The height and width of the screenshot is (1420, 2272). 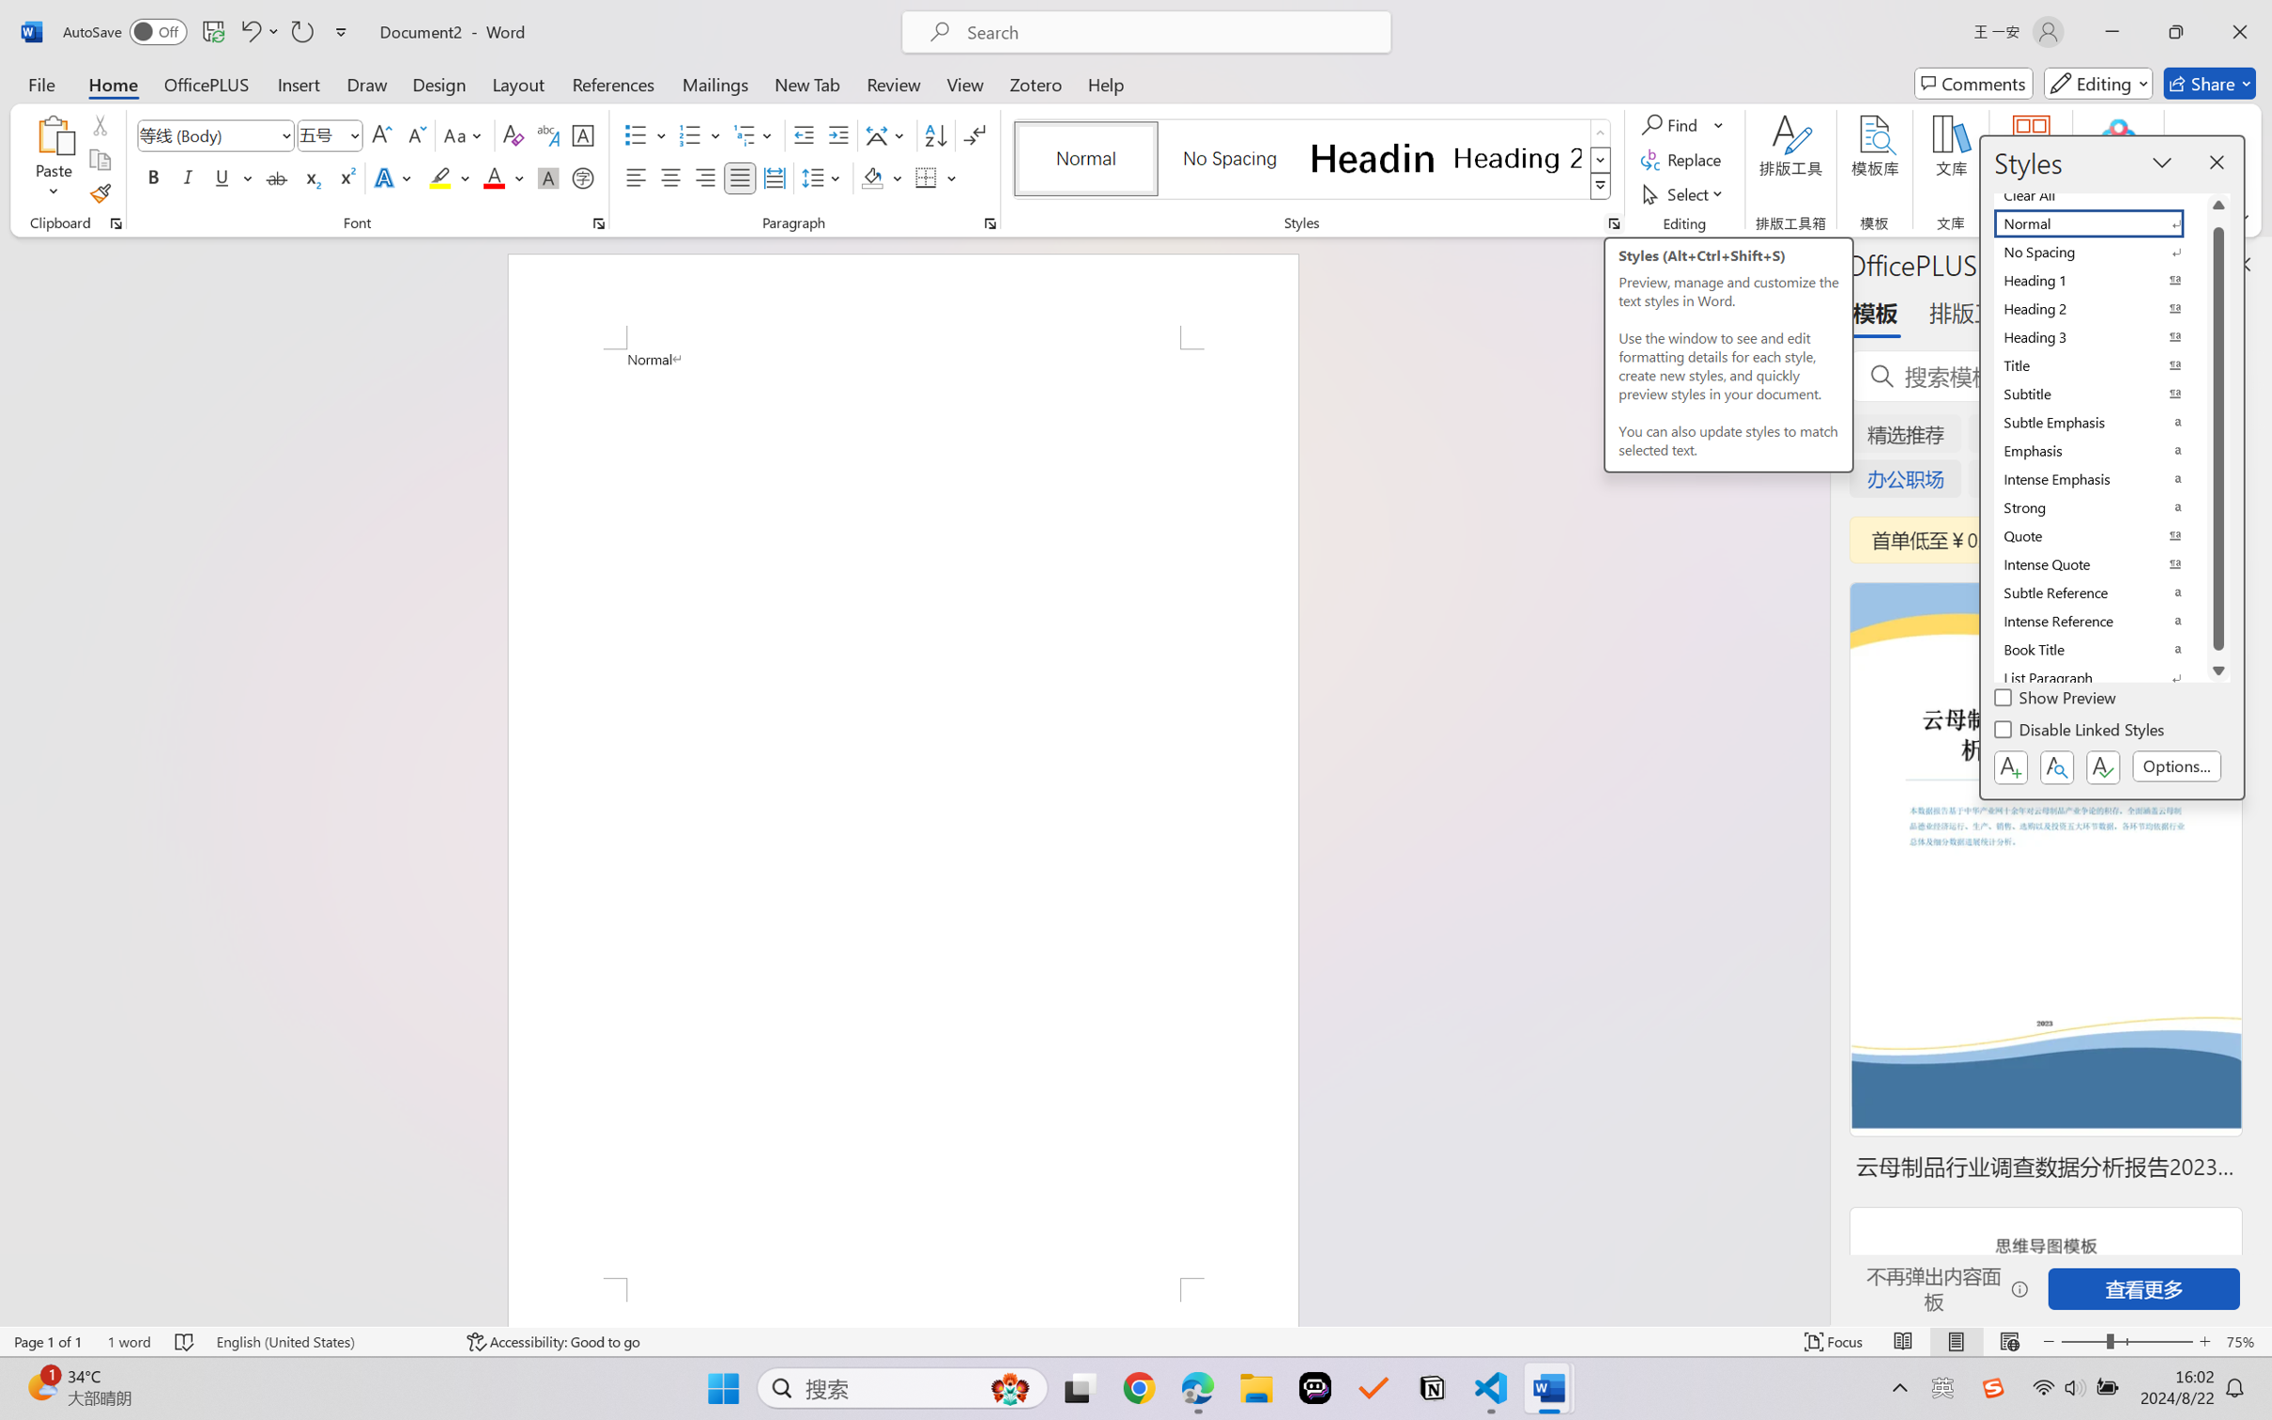 What do you see at coordinates (341, 31) in the screenshot?
I see `'Customize Quick Access Toolbar'` at bounding box center [341, 31].